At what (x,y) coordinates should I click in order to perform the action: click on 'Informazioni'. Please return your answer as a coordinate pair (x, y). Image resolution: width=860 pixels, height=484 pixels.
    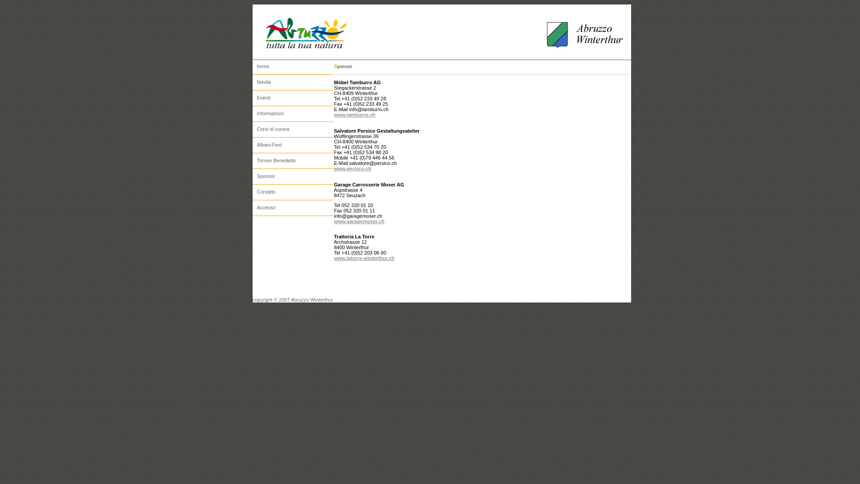
    Looking at the image, I should click on (292, 114).